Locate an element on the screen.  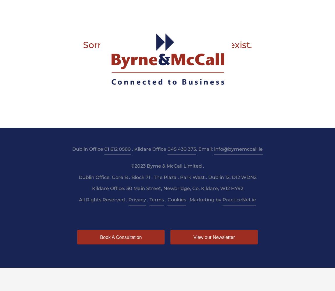
'Taxation' is located at coordinates (131, 9).